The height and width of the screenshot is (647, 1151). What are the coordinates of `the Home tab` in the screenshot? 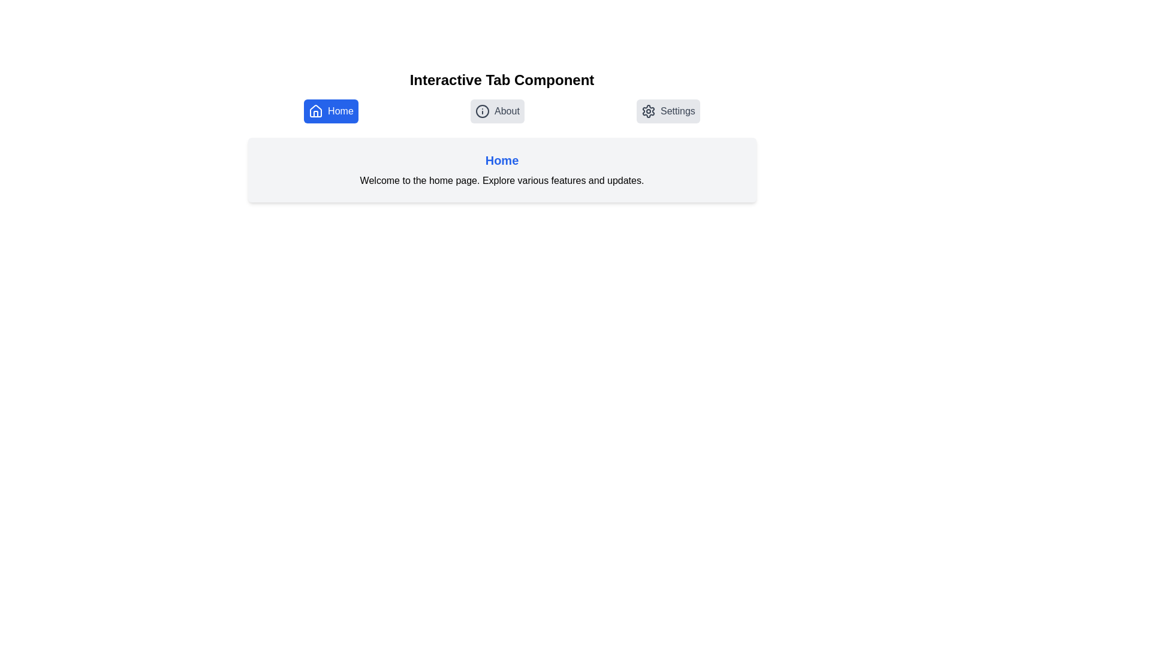 It's located at (331, 111).